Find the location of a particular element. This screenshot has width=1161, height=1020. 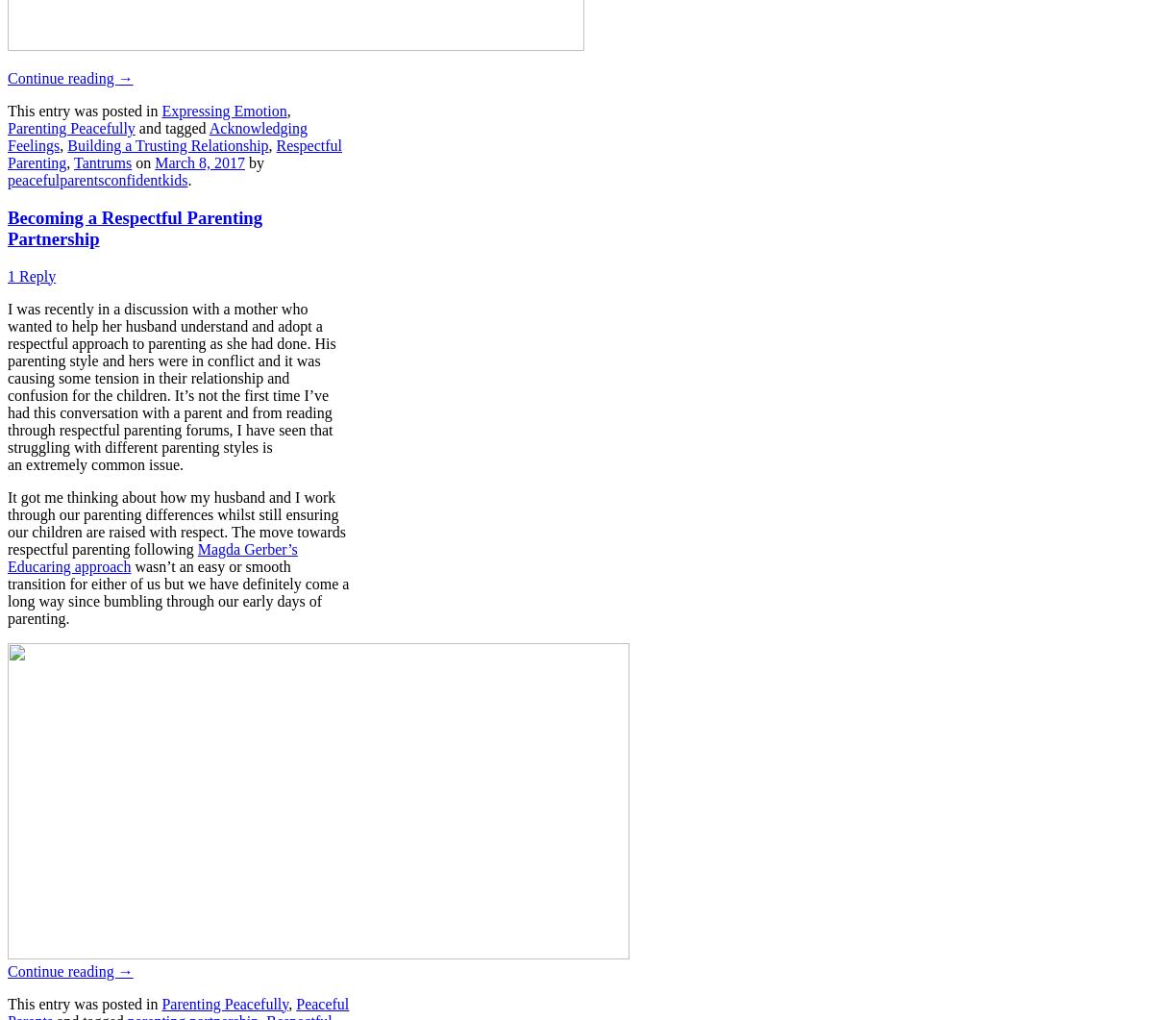

'peacefulparentsconfidentkids' is located at coordinates (96, 179).